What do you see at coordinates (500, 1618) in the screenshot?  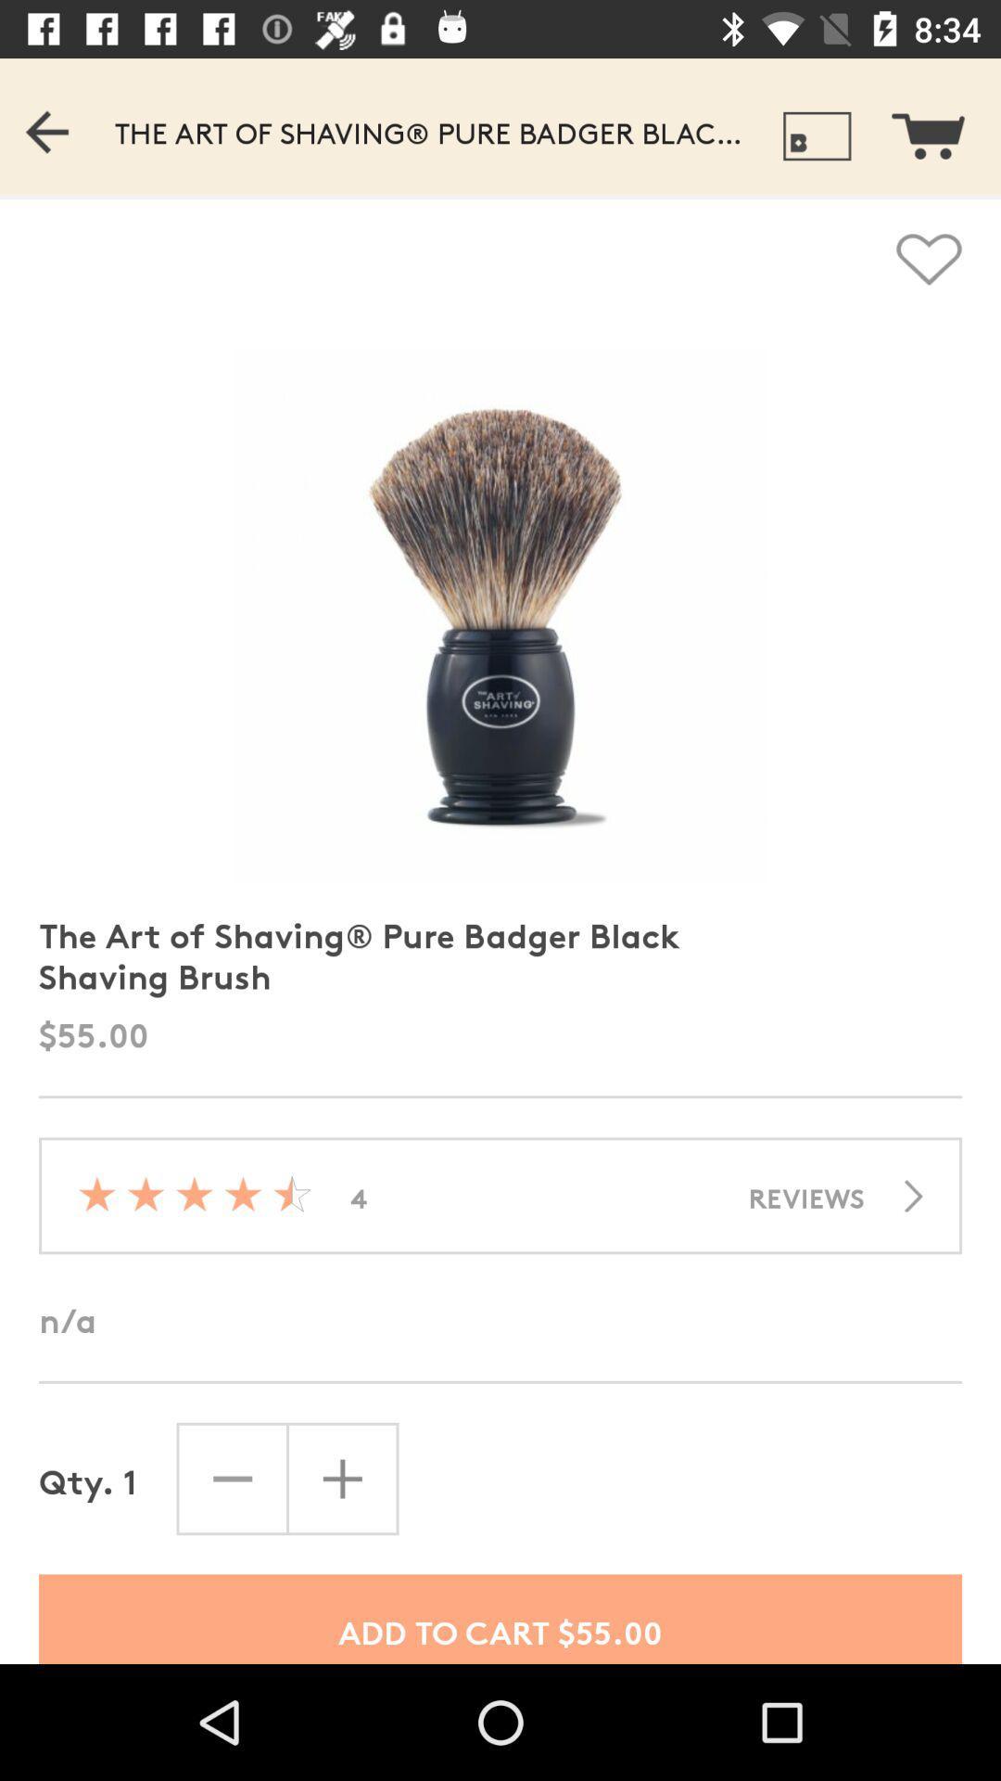 I see `add to cart` at bounding box center [500, 1618].